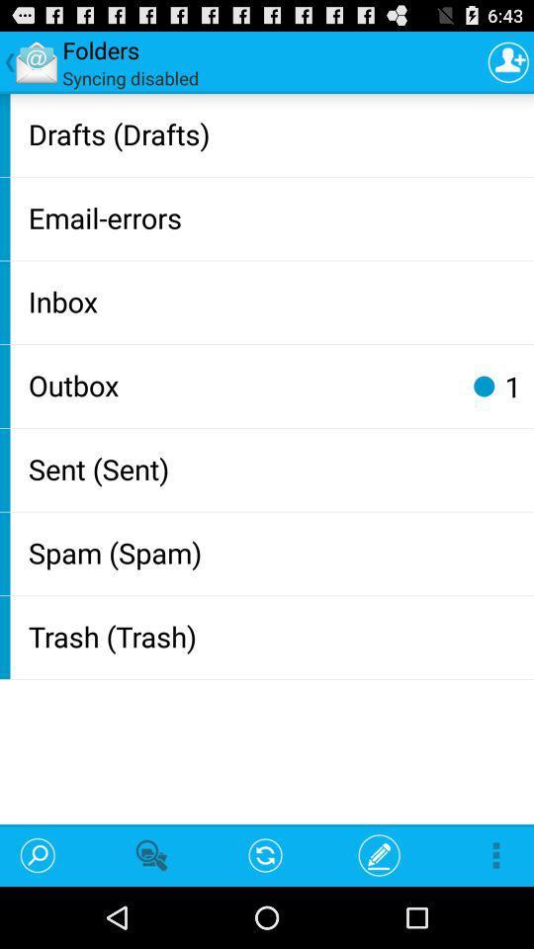  Describe the element at coordinates (508, 61) in the screenshot. I see `the icon above the drafts (drafts) item` at that location.